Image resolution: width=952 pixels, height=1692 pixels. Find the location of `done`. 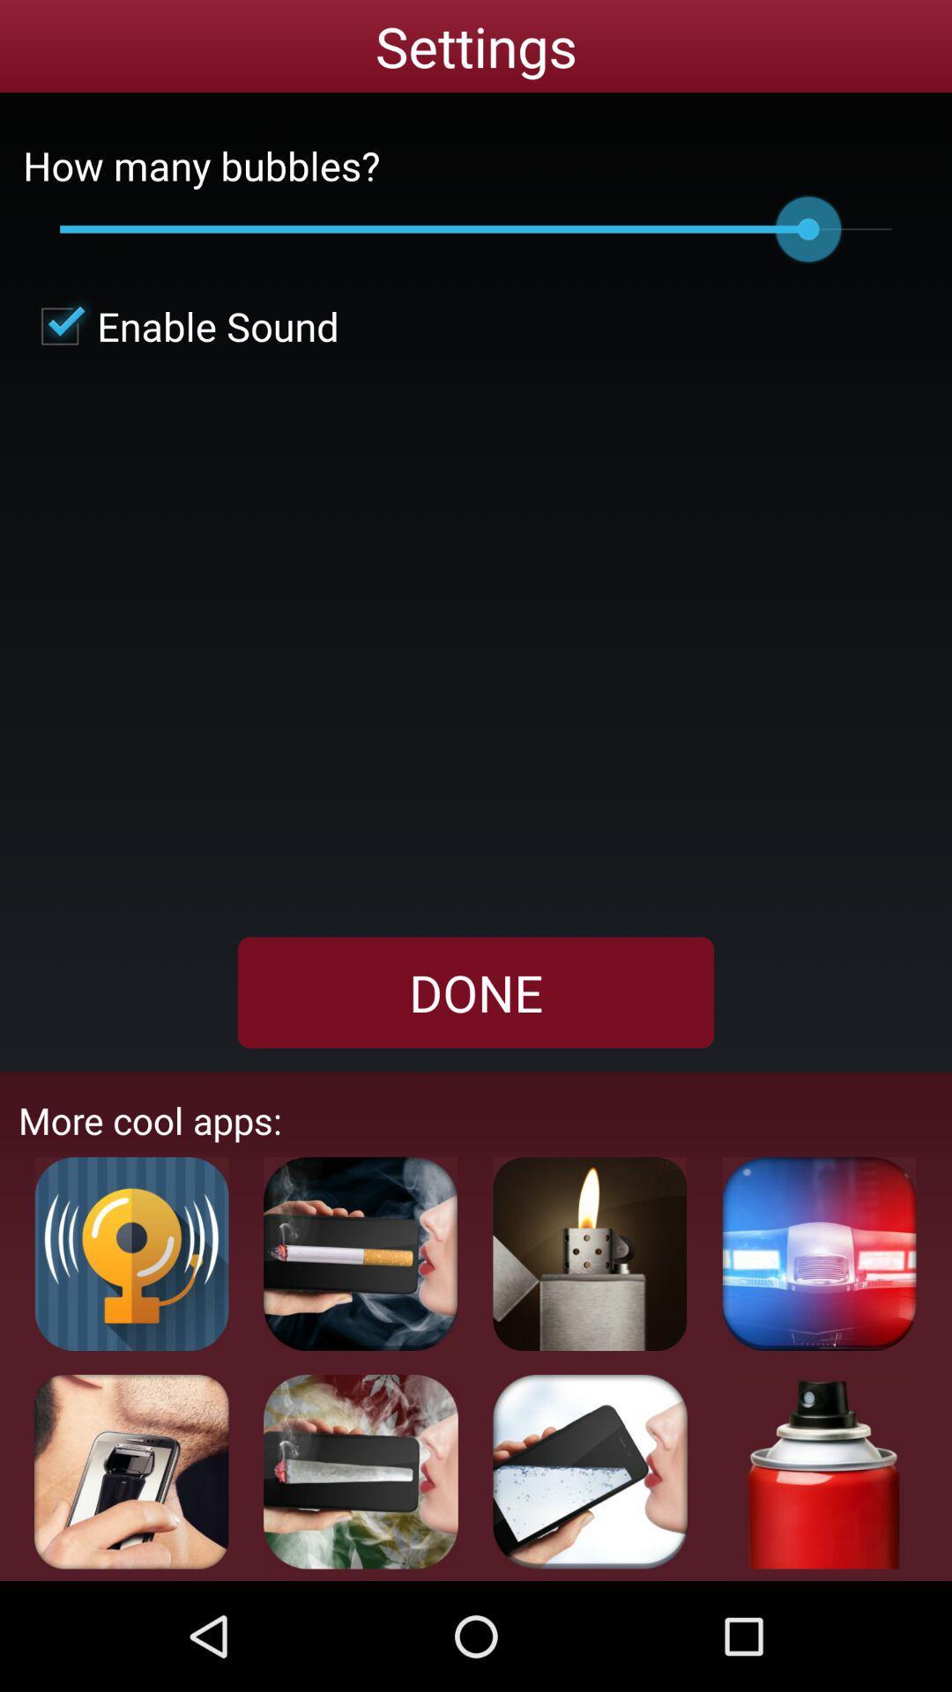

done is located at coordinates (476, 992).